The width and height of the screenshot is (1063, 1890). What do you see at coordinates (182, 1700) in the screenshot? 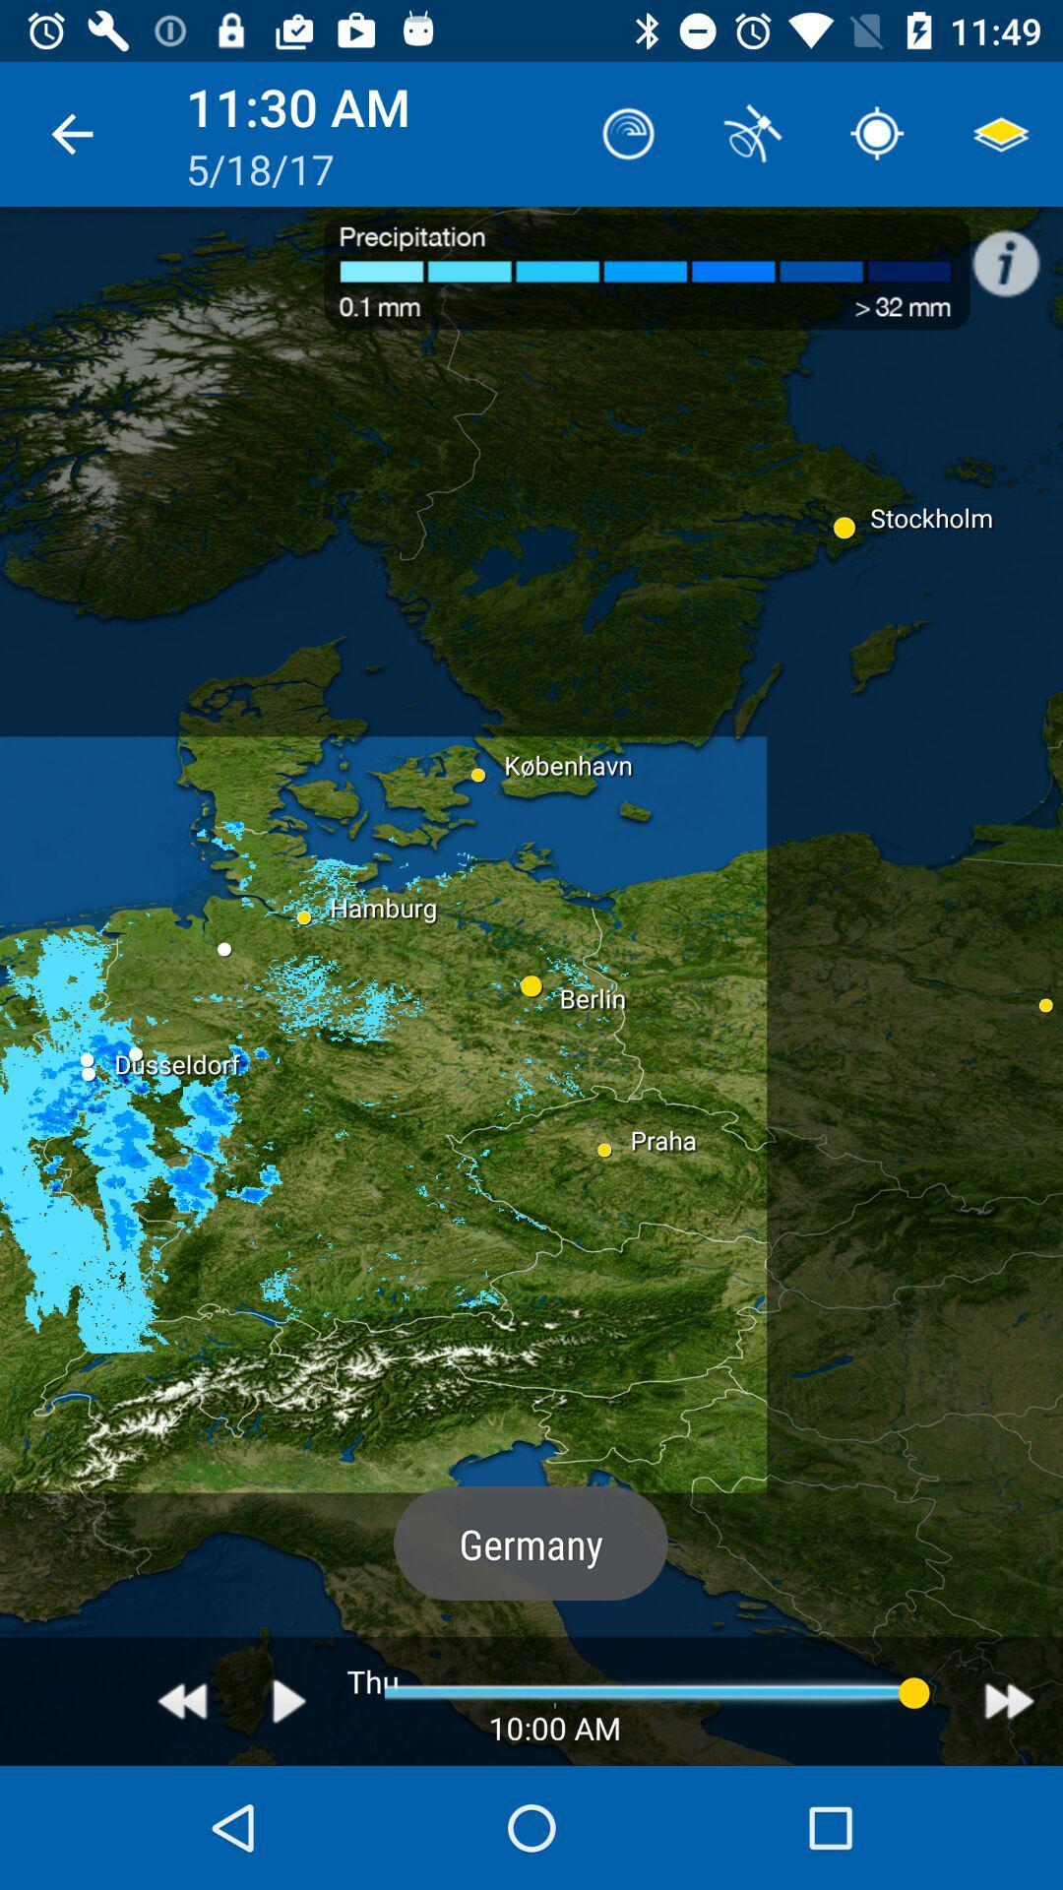
I see `go back` at bounding box center [182, 1700].